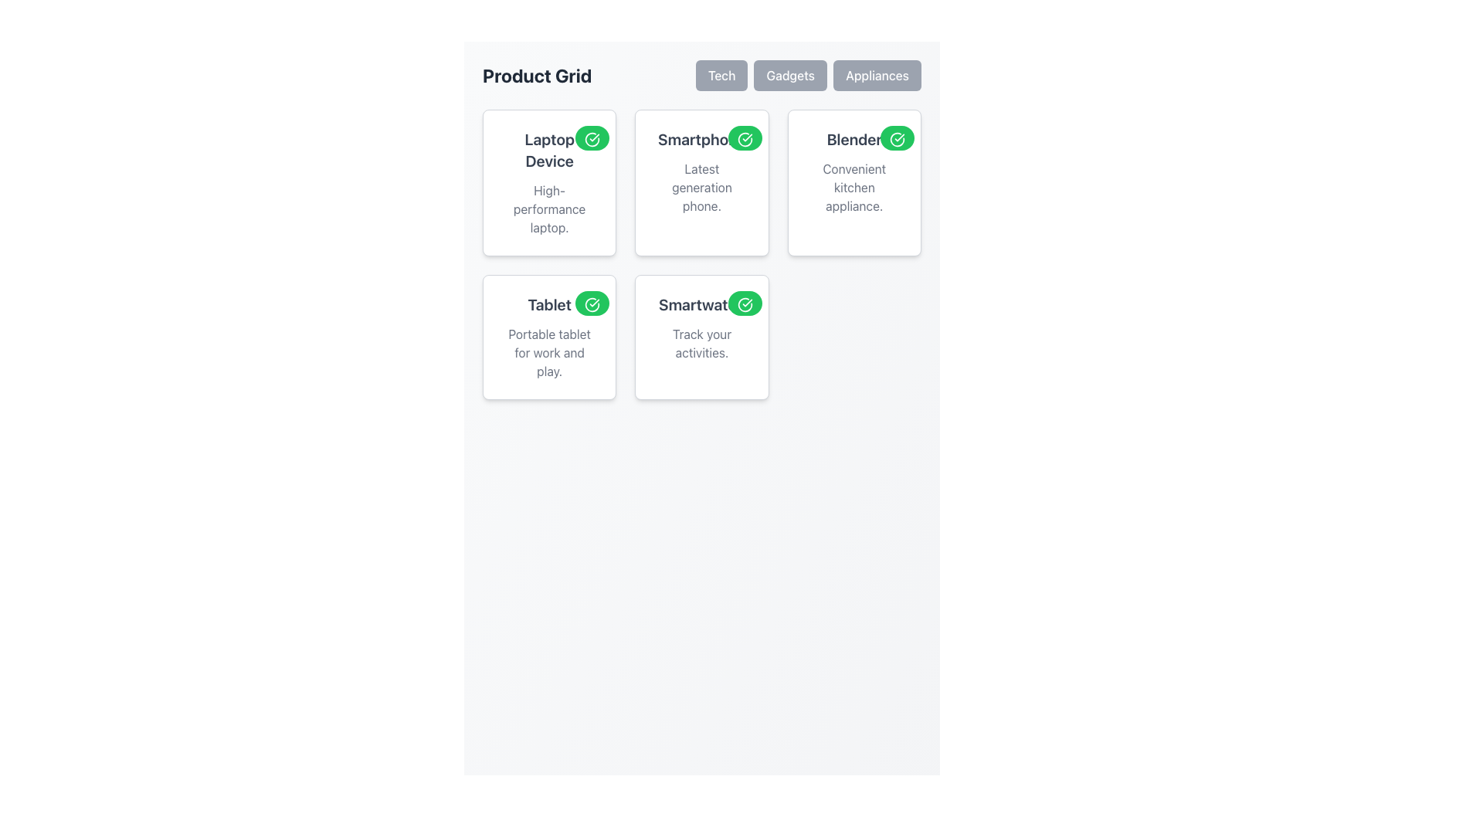 This screenshot has height=834, width=1483. Describe the element at coordinates (592, 303) in the screenshot. I see `the status indicator located in the upper-right corner of the 'Tablet' card in the 'Product Grid' section` at that location.